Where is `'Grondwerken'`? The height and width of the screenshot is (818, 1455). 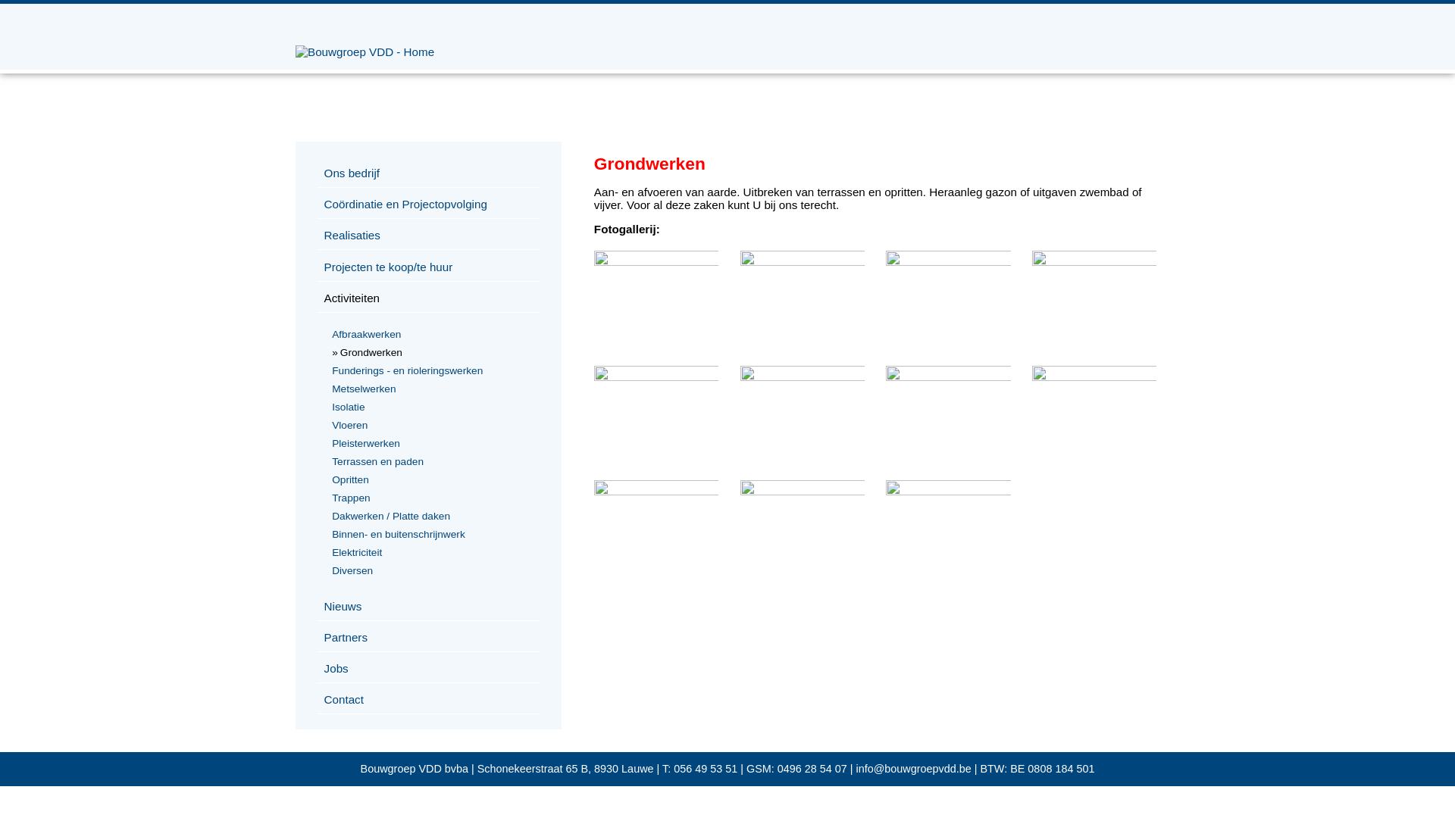
'Grondwerken' is located at coordinates (656, 491).